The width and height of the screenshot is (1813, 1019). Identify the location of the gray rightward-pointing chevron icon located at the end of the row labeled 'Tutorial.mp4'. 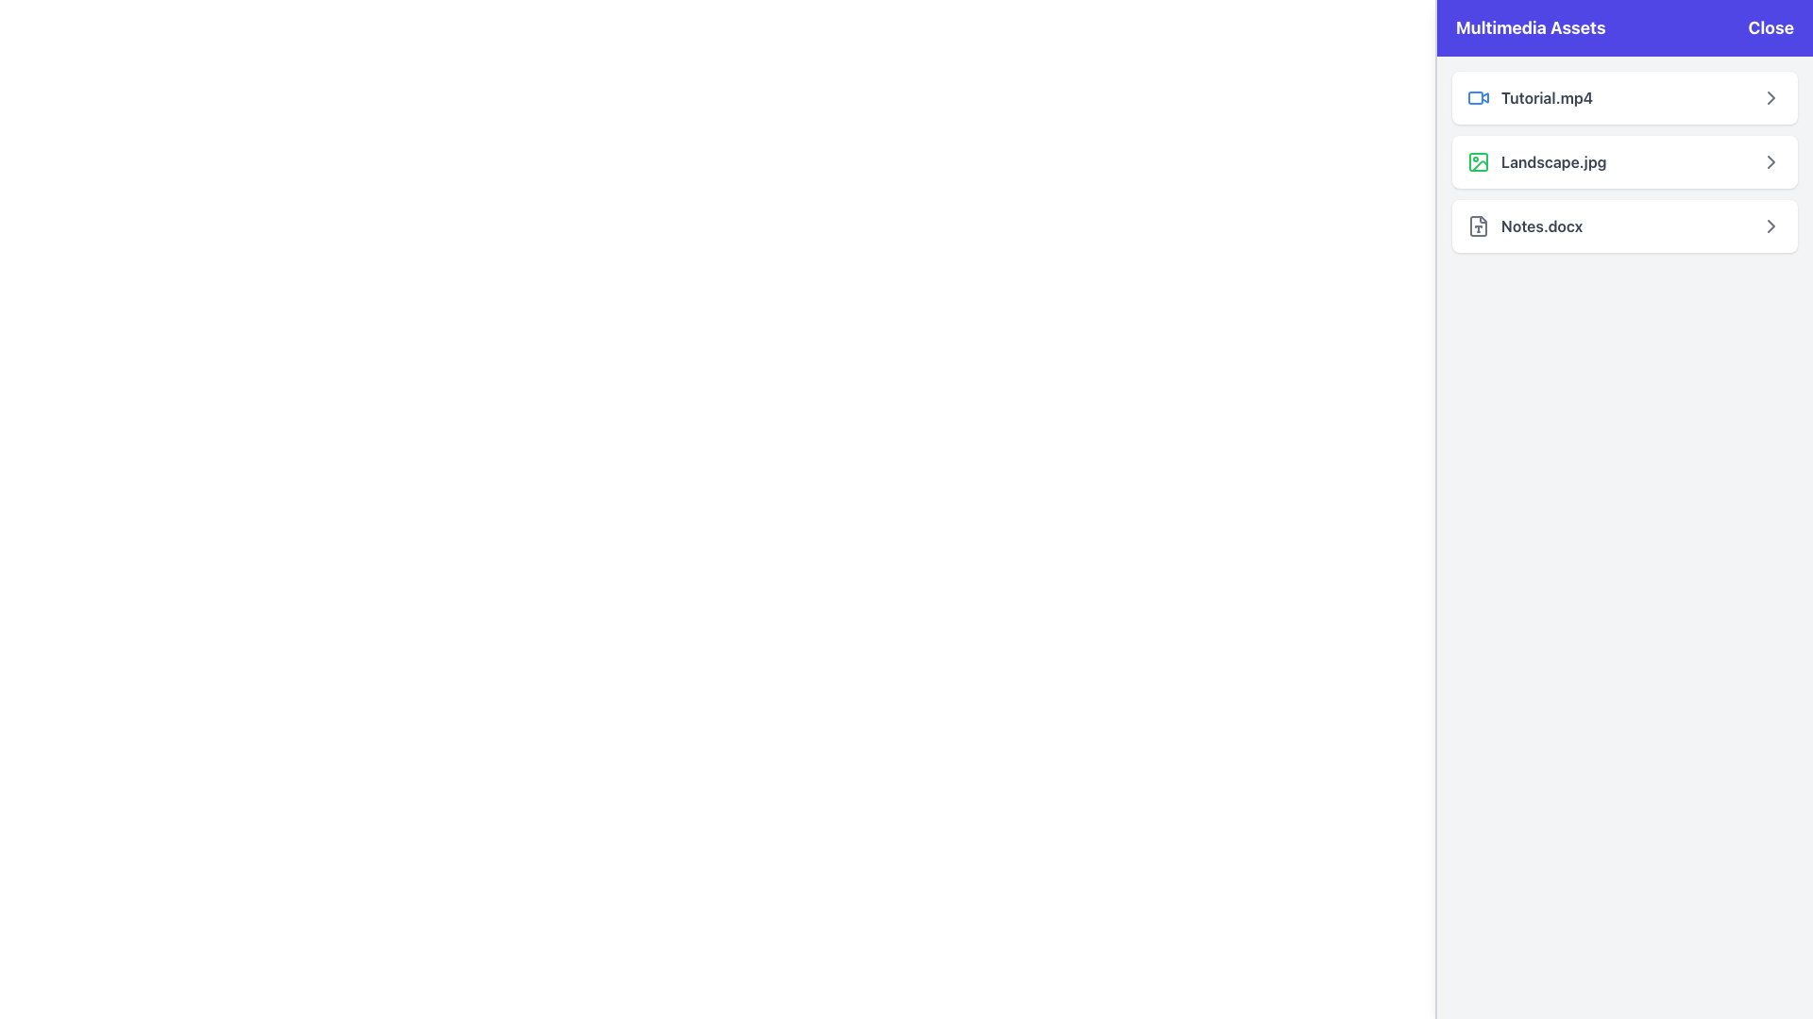
(1771, 98).